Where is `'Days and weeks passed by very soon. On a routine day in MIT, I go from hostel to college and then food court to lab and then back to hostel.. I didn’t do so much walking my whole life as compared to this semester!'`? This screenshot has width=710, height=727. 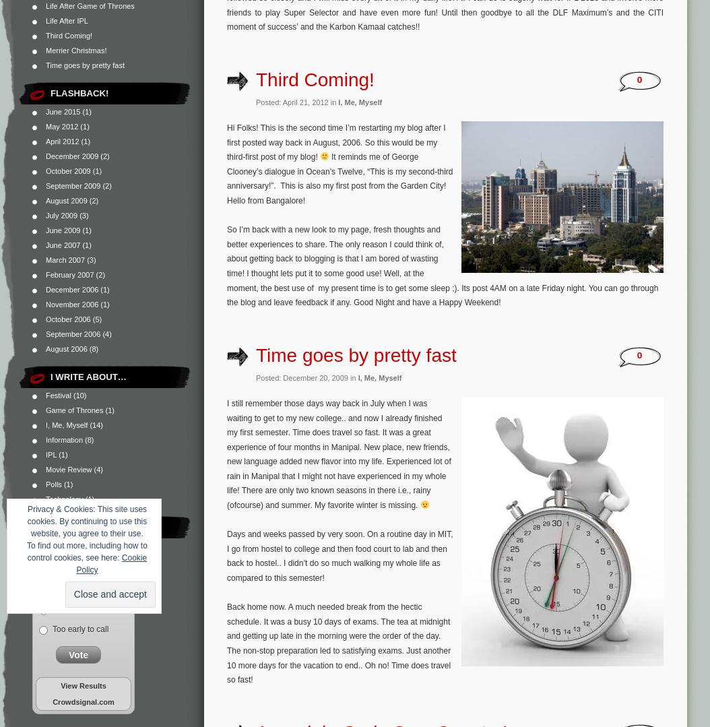 'Days and weeks passed by very soon. On a routine day in MIT, I go from hostel to college and then food court to lab and then back to hostel.. I didn’t do so much walking my whole life as compared to this semester!' is located at coordinates (226, 555).